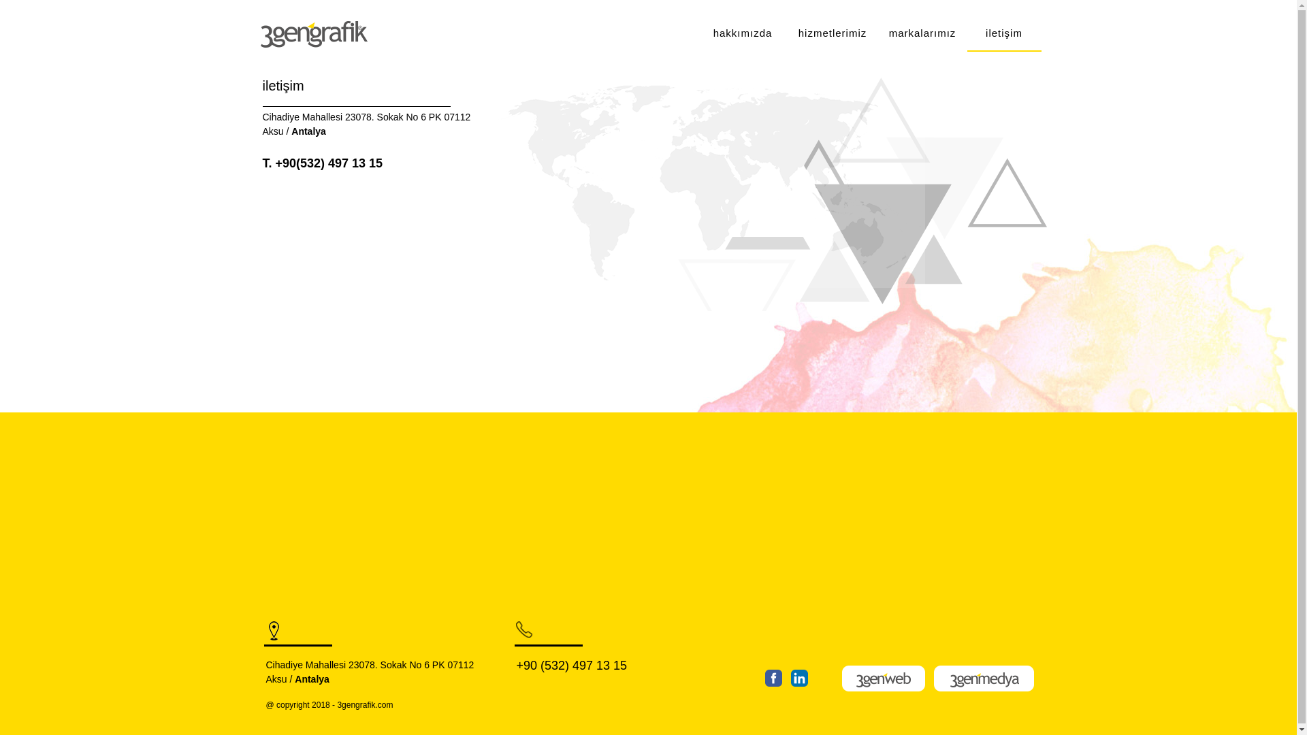  Describe the element at coordinates (831, 33) in the screenshot. I see `'hizmetlerimiz'` at that location.